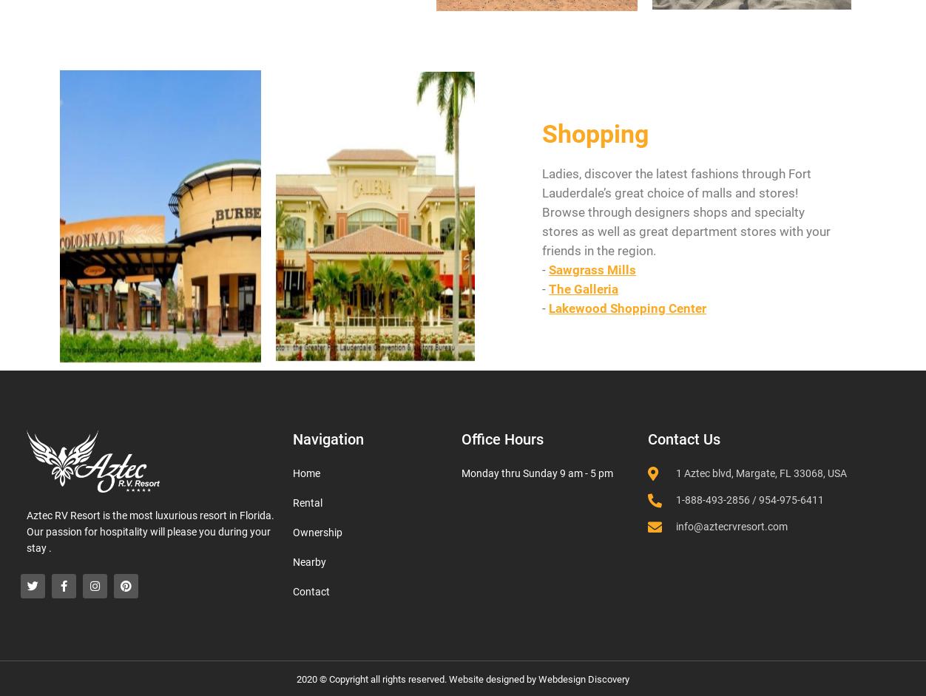 The height and width of the screenshot is (696, 926). What do you see at coordinates (416, 678) in the screenshot?
I see `'2020 © Copyright   all rights reserved. Website designed by'` at bounding box center [416, 678].